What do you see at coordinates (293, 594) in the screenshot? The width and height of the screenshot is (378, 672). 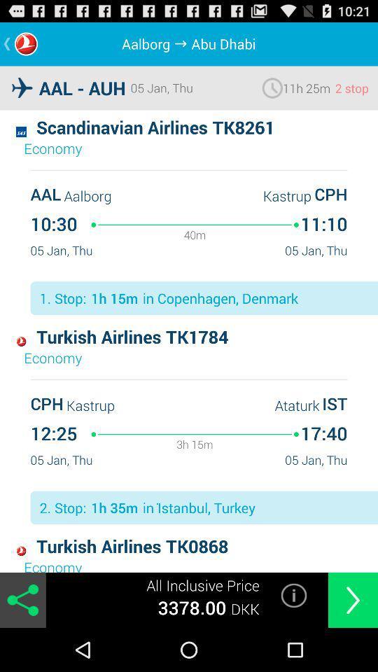 I see `information` at bounding box center [293, 594].